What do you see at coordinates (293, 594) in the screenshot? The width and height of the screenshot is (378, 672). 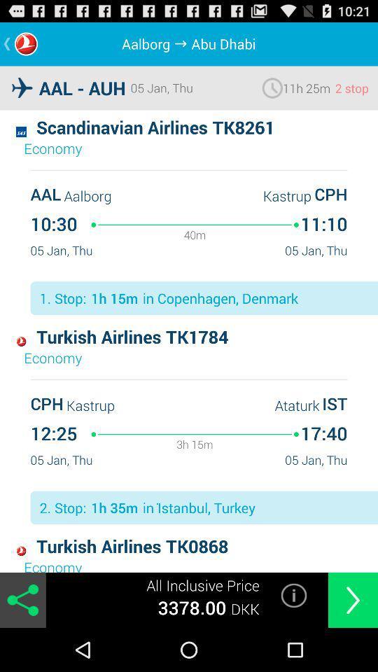 I see `information` at bounding box center [293, 594].